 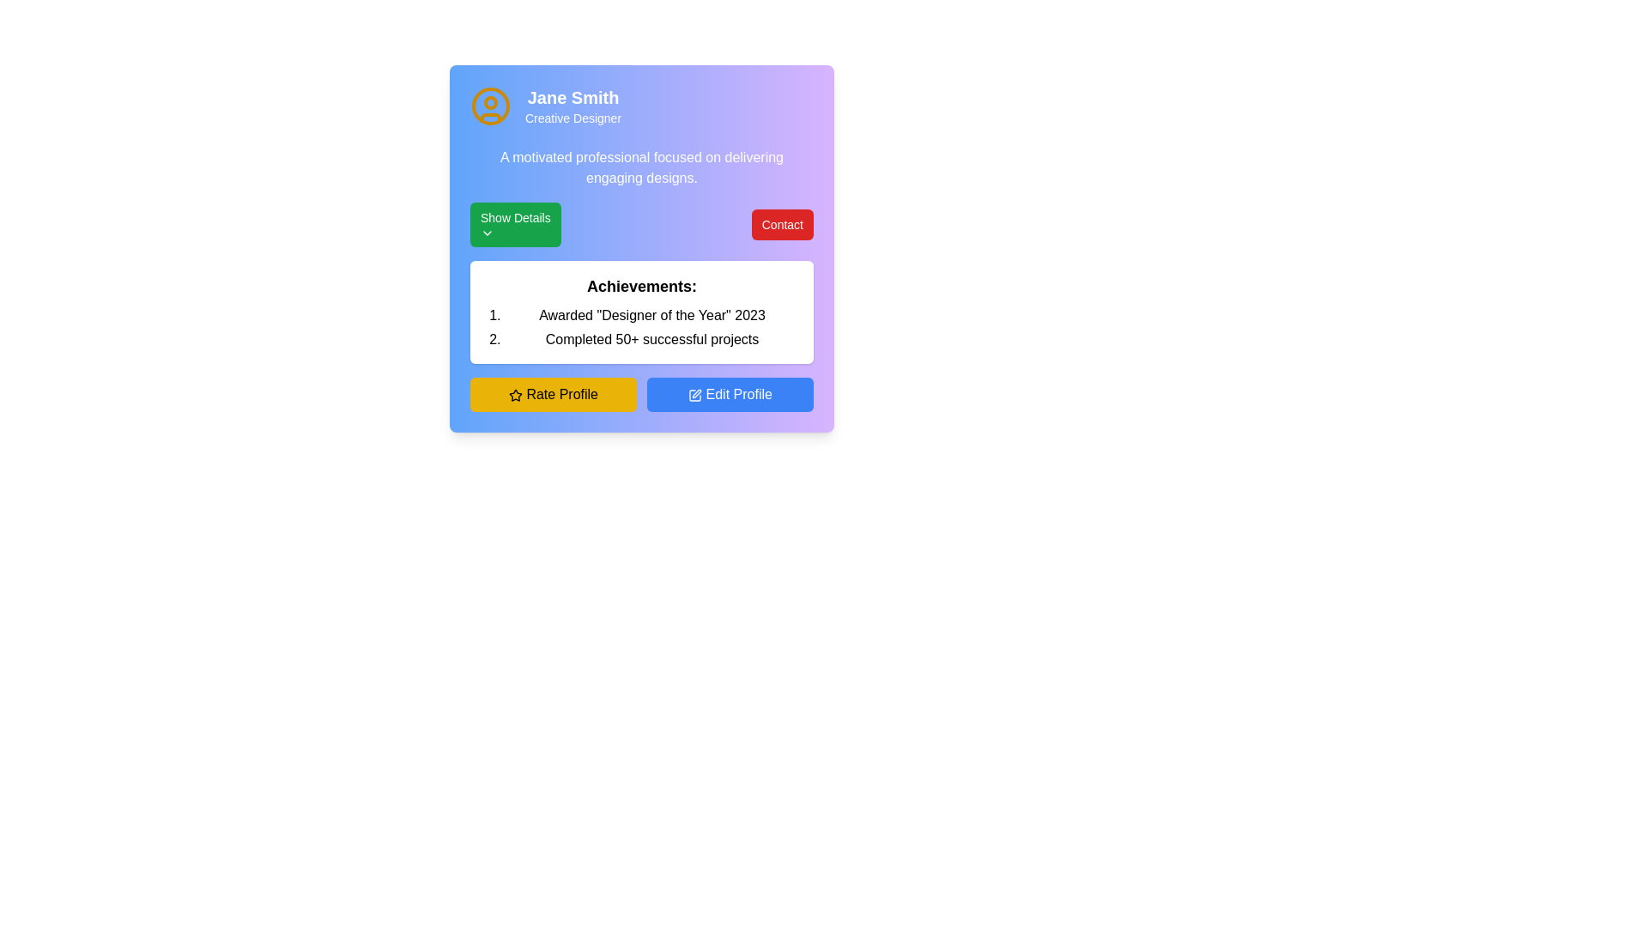 What do you see at coordinates (781, 224) in the screenshot?
I see `the contact action button located at the top-right corner of the card element` at bounding box center [781, 224].